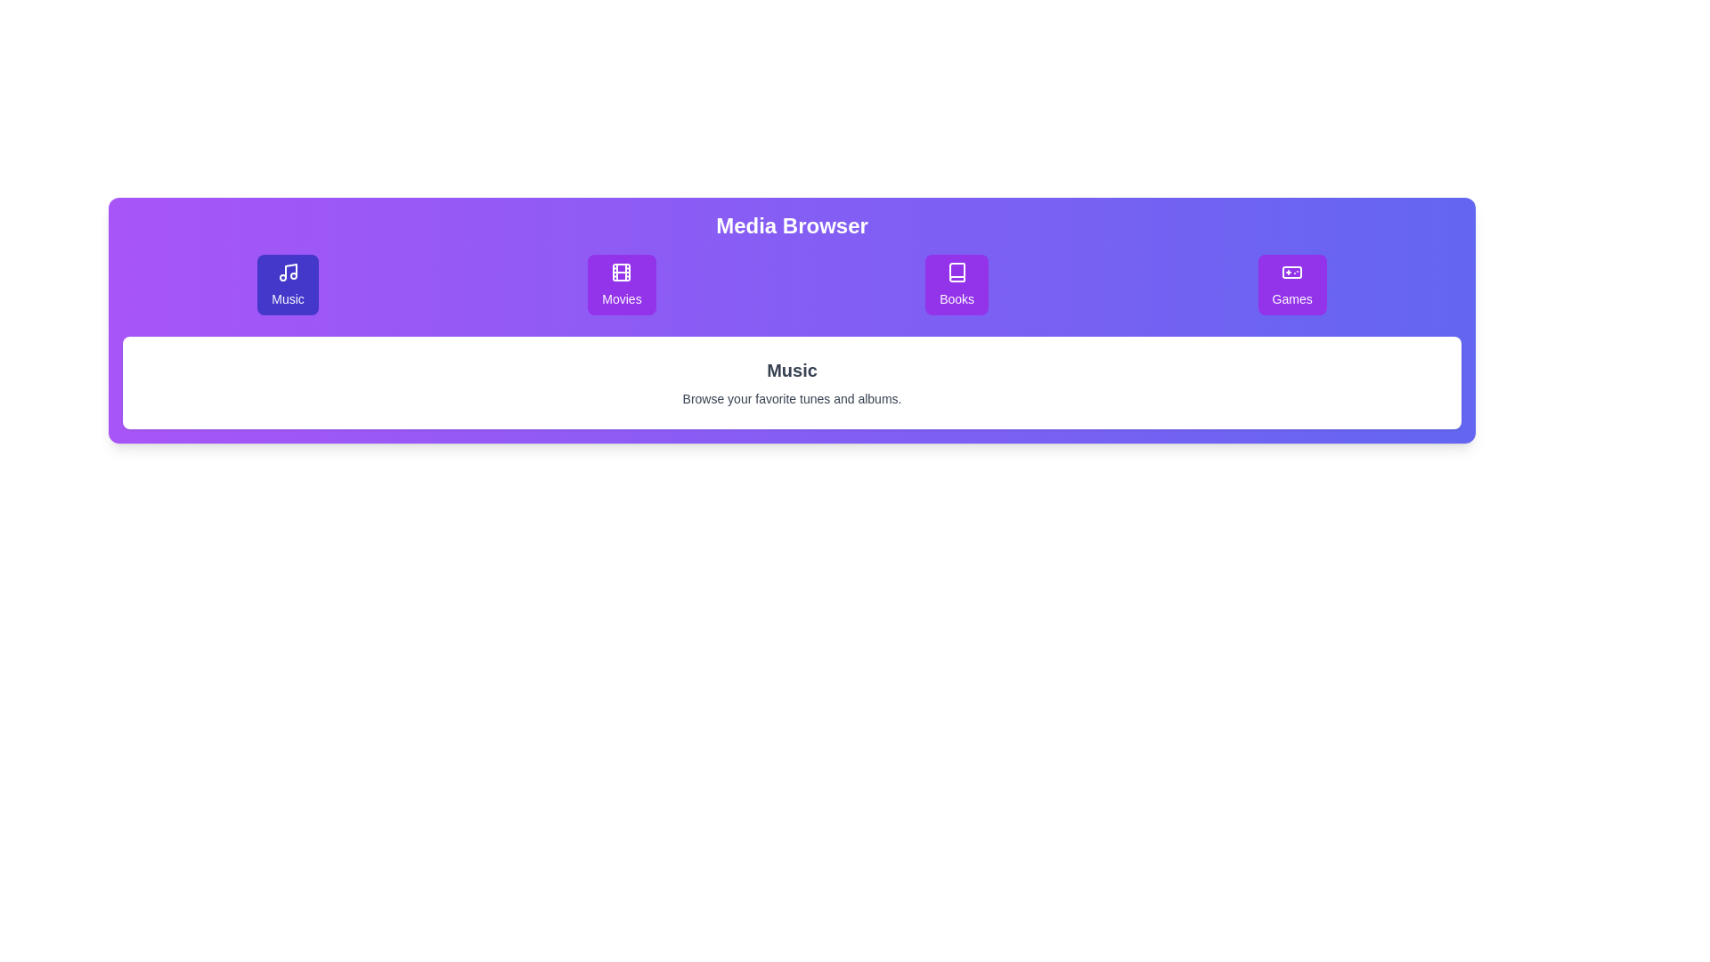 The width and height of the screenshot is (1710, 962). I want to click on text label that says 'Music', which is located beneath a music icon in a rounded rectangular button with a purple background, so click(288, 298).